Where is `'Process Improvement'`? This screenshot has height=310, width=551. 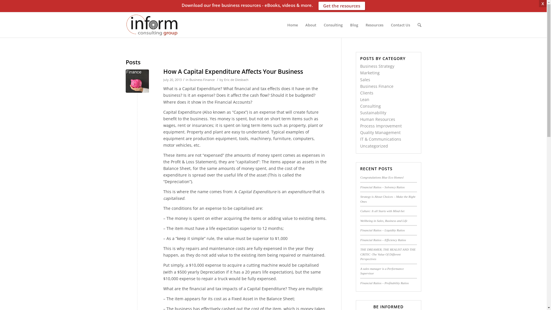 'Process Improvement' is located at coordinates (381, 125).